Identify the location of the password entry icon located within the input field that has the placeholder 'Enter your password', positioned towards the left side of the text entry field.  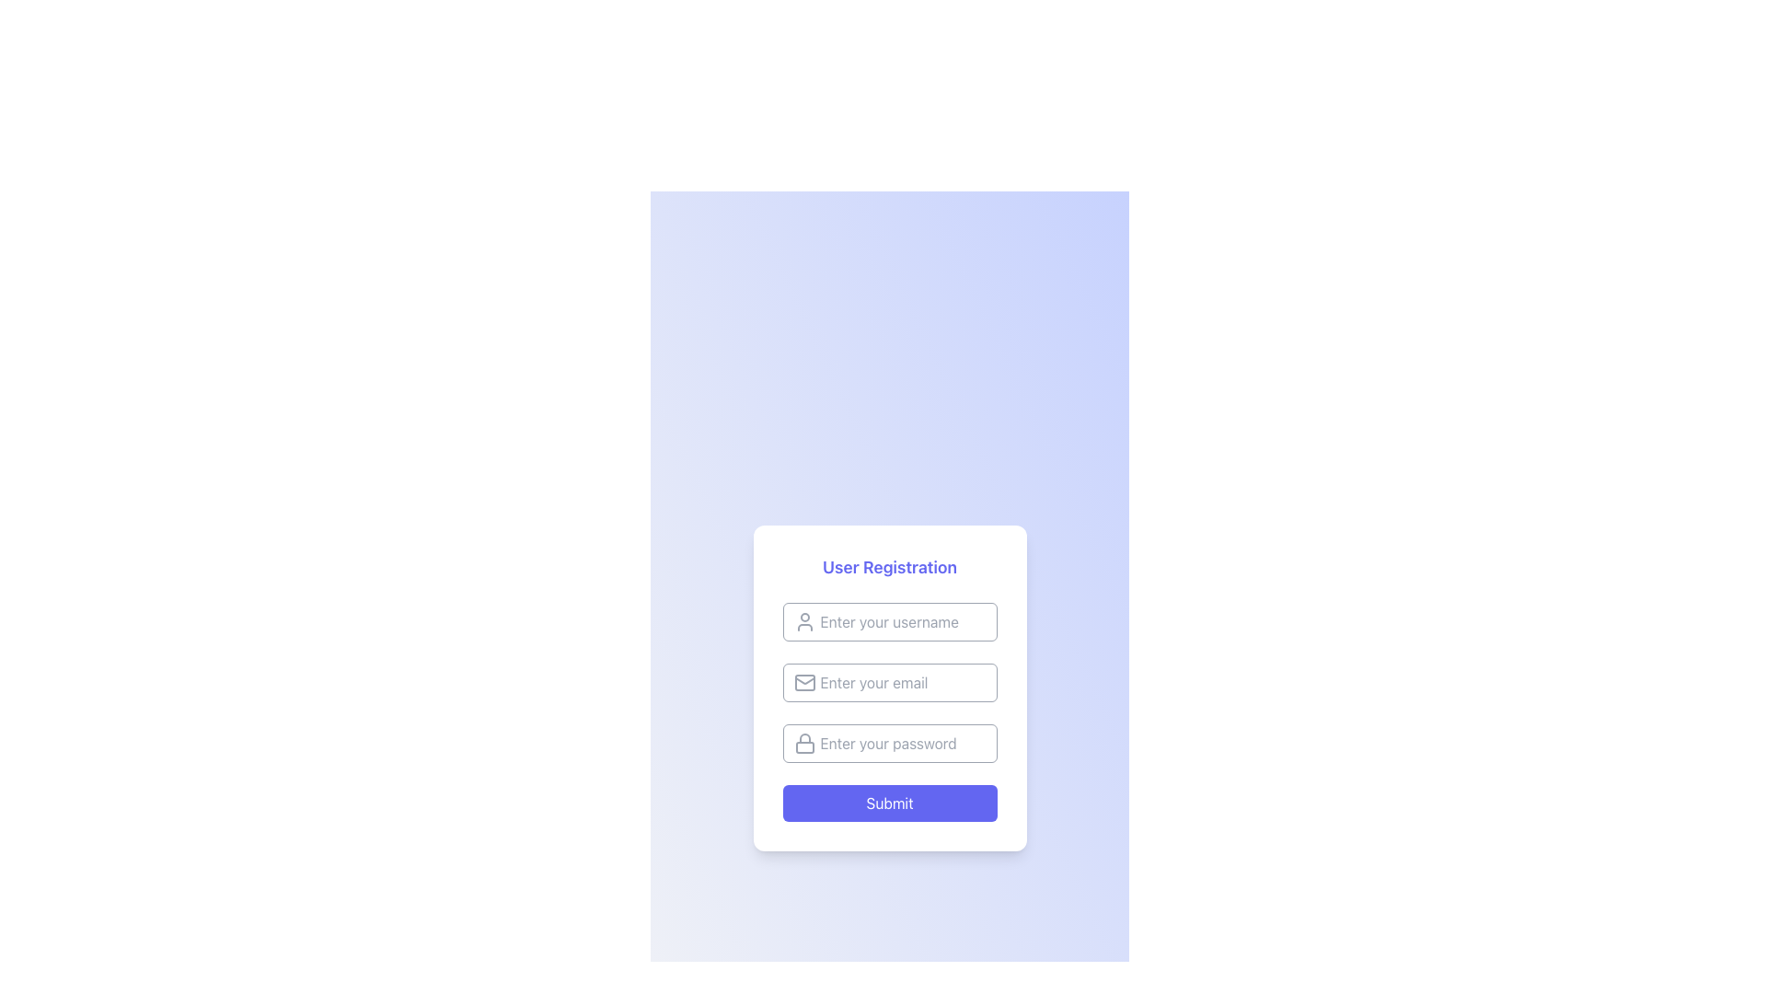
(804, 737).